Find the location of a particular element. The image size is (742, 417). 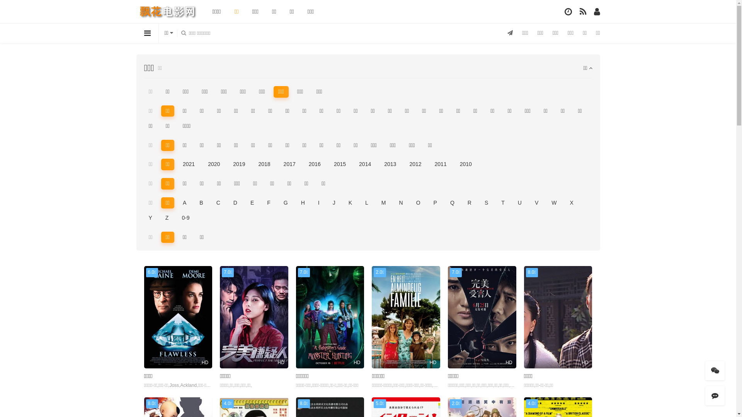

'B' is located at coordinates (201, 202).